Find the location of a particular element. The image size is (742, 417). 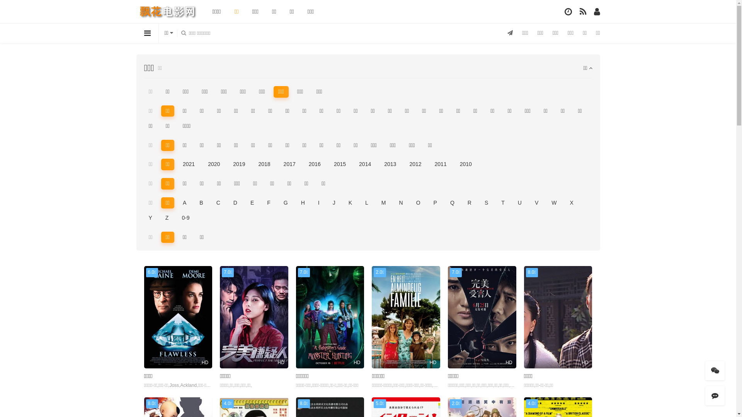

'B' is located at coordinates (201, 202).